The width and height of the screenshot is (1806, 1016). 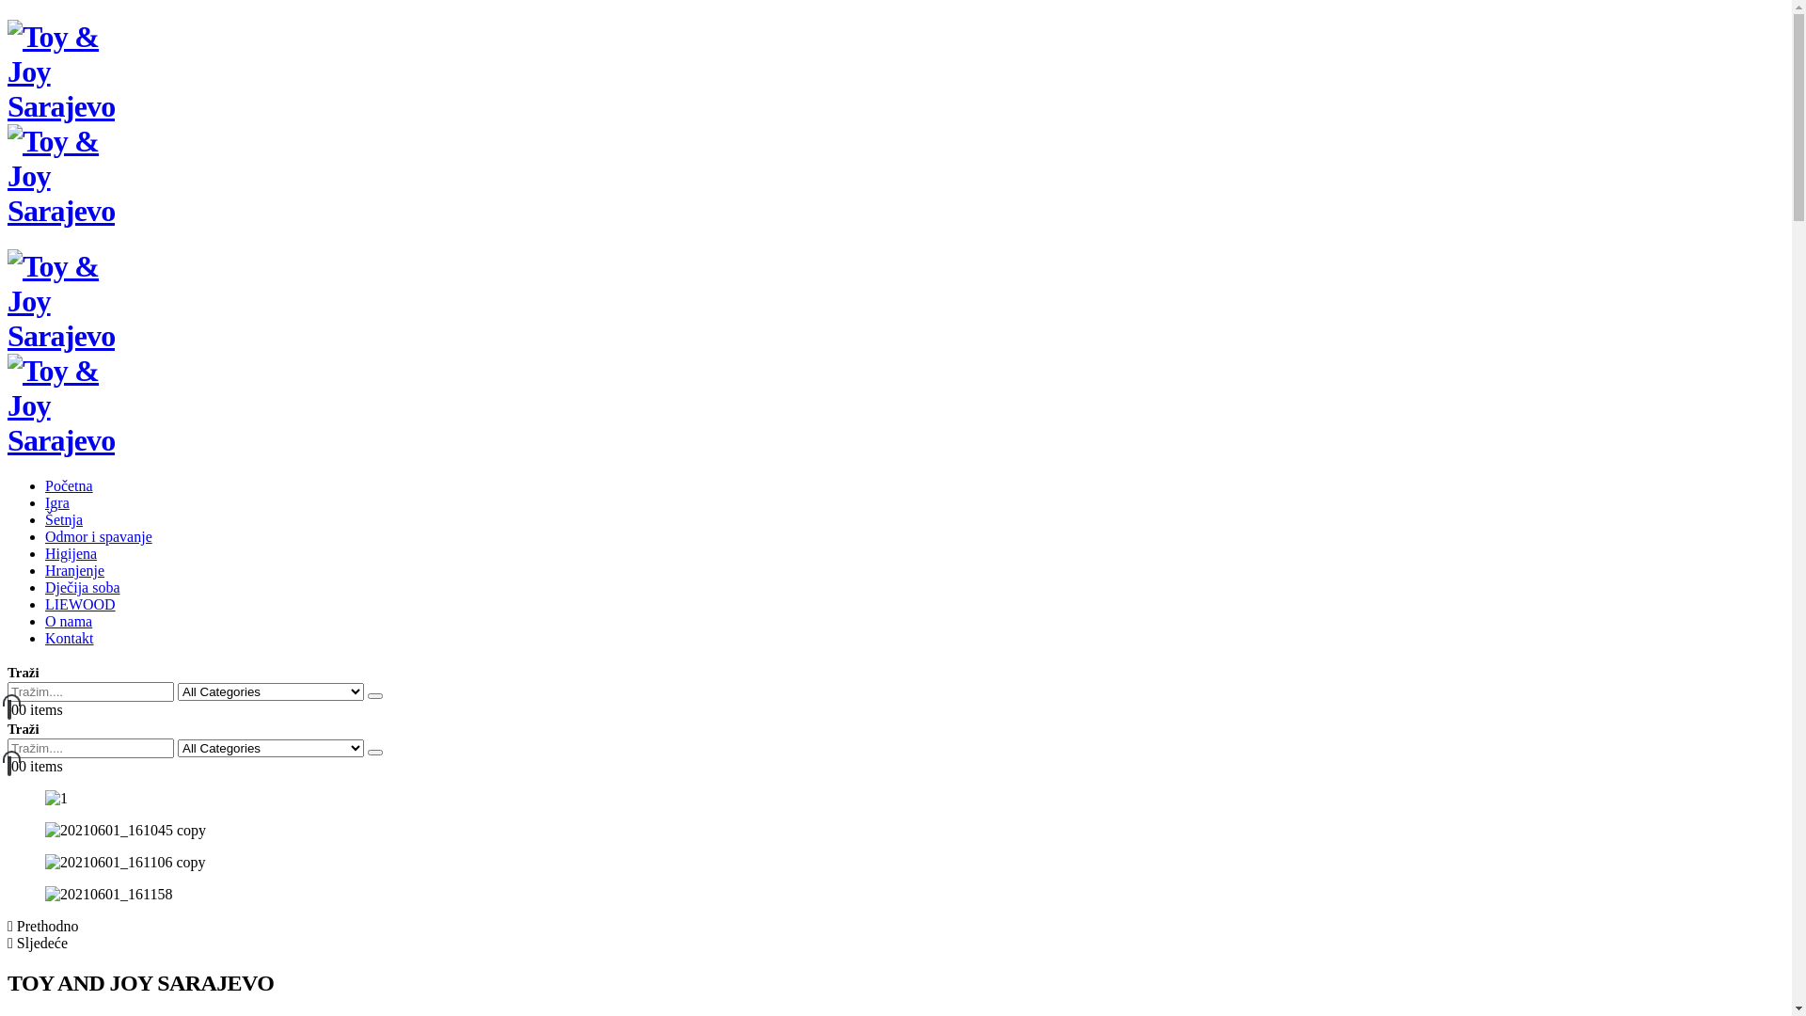 What do you see at coordinates (71, 552) in the screenshot?
I see `'Higijena'` at bounding box center [71, 552].